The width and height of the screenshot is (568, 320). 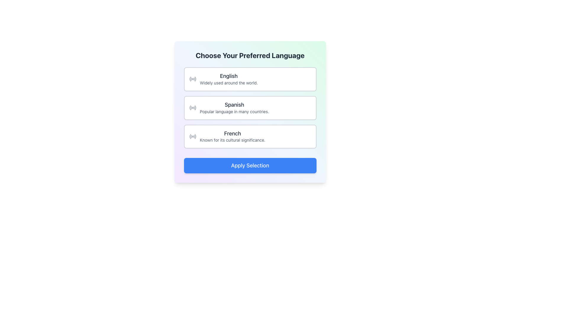 I want to click on the 'Spanish' language selection button located in the second card of a vertical stack of language options, so click(x=250, y=108).